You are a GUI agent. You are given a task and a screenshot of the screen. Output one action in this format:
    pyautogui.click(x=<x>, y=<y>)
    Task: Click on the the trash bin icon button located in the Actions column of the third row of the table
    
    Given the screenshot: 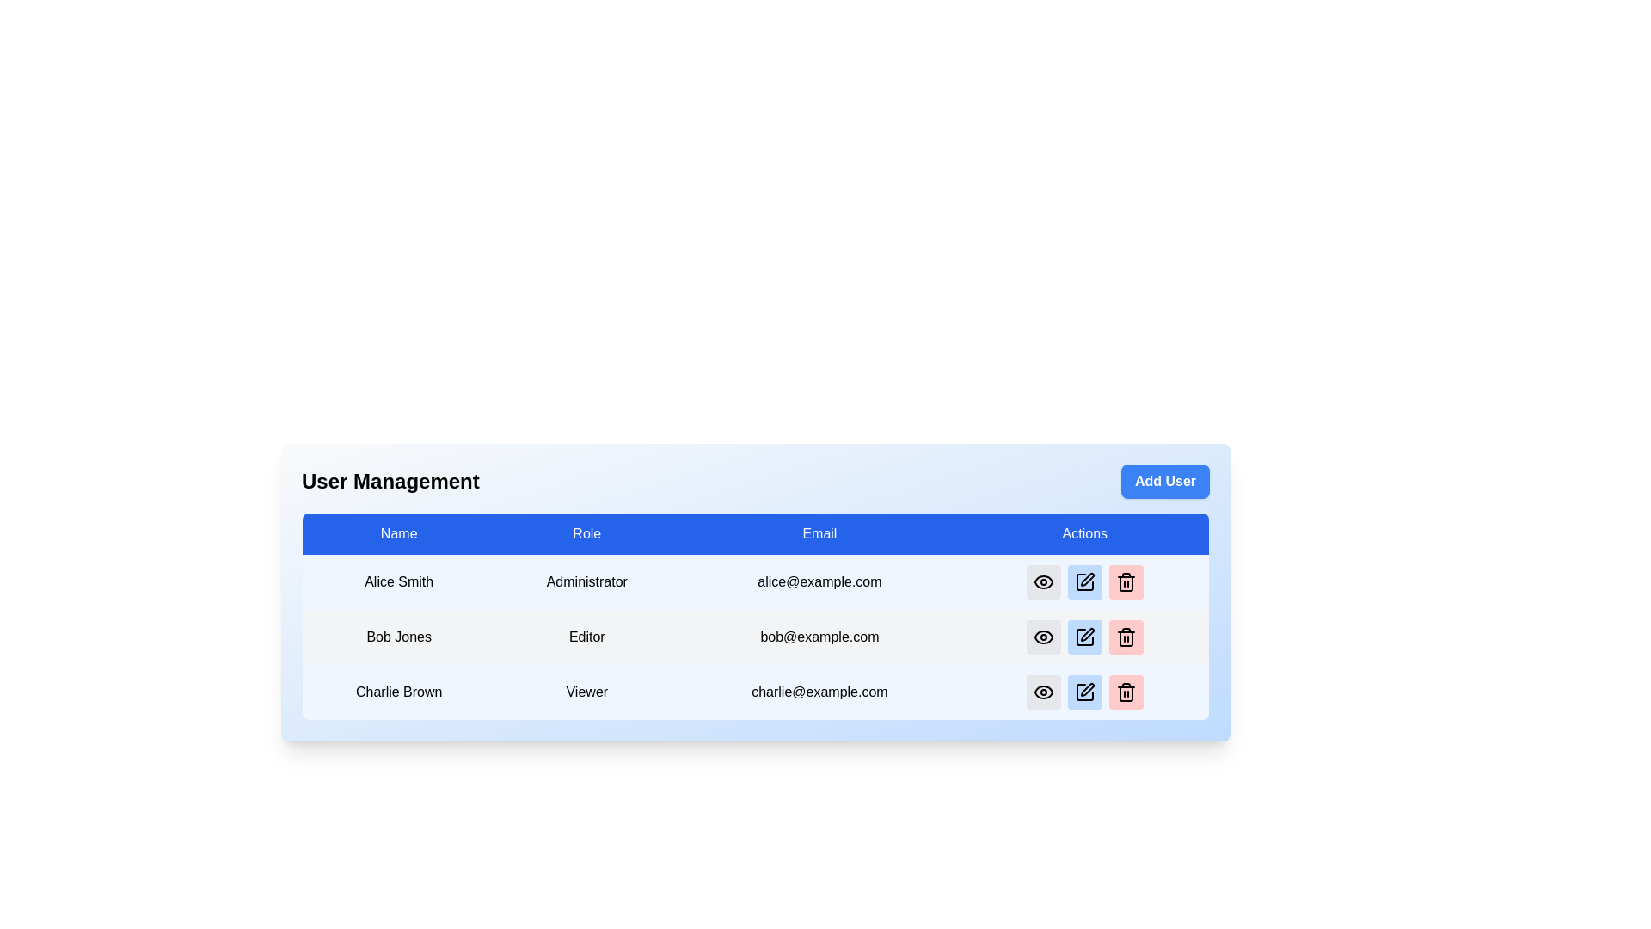 What is the action you would take?
    pyautogui.click(x=1126, y=692)
    